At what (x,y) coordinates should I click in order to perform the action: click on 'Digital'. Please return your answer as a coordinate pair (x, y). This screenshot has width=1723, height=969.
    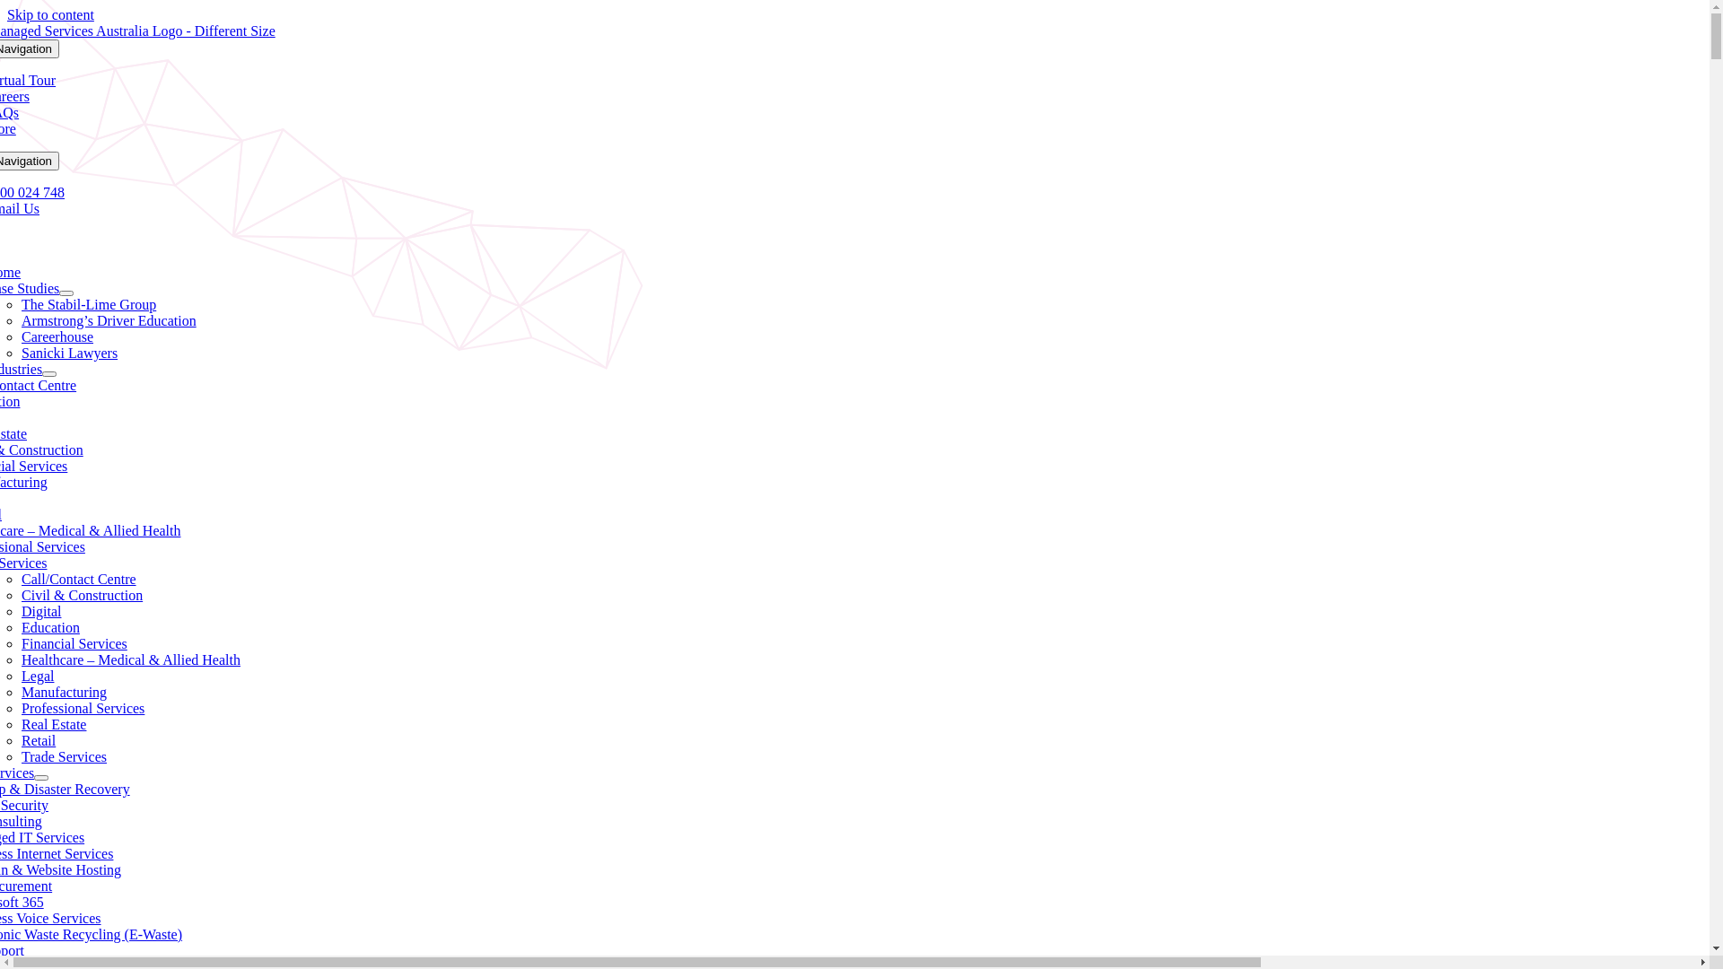
    Looking at the image, I should click on (22, 610).